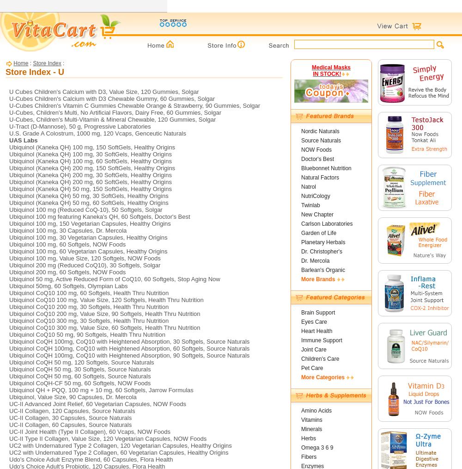  Describe the element at coordinates (129, 348) in the screenshot. I see `'Ubiquinol CoQH 100mg, CoQ10 with Heightened Absorption, 60 Softgels, Source Naturals'` at that location.